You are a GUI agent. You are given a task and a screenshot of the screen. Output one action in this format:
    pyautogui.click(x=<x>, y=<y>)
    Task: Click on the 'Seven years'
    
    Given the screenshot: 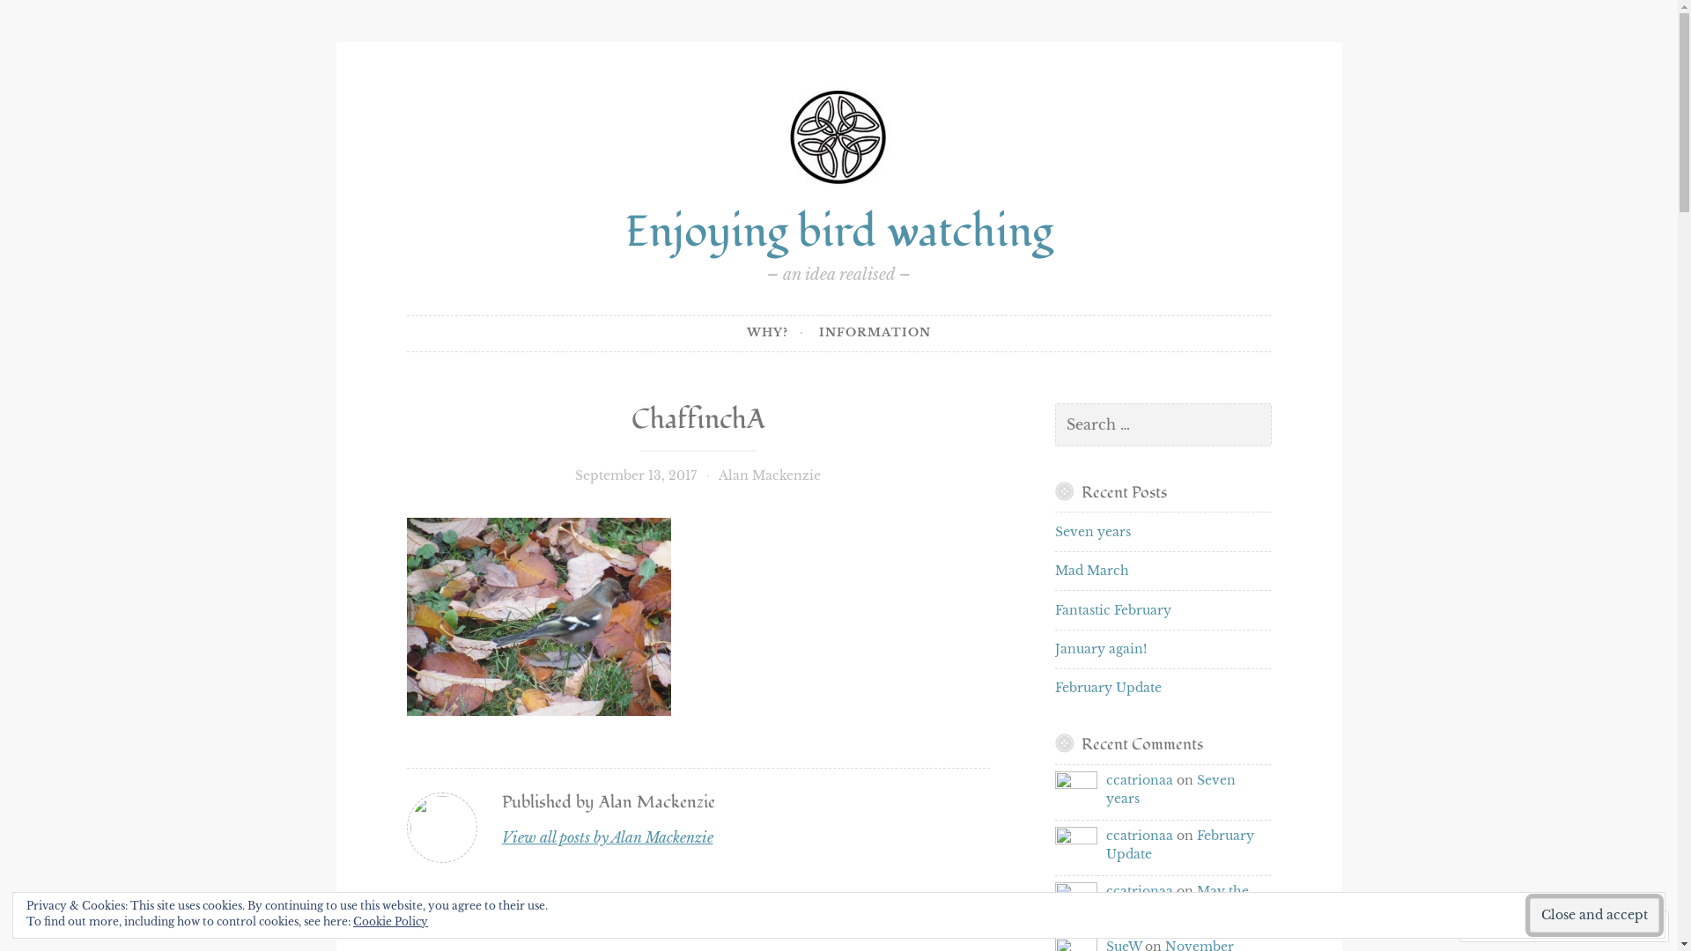 What is the action you would take?
    pyautogui.click(x=1105, y=788)
    